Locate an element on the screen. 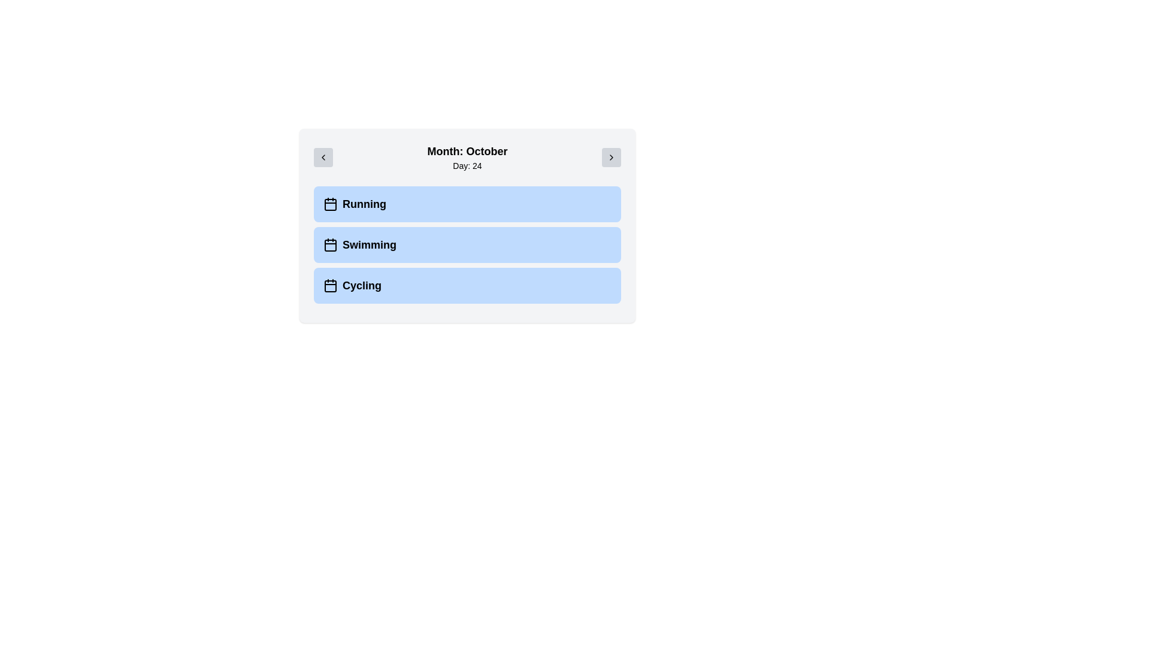  the non-interactive text label indicating the category 'Cycling', which is the third item in a vertical list of blue boxes is located at coordinates (361, 286).